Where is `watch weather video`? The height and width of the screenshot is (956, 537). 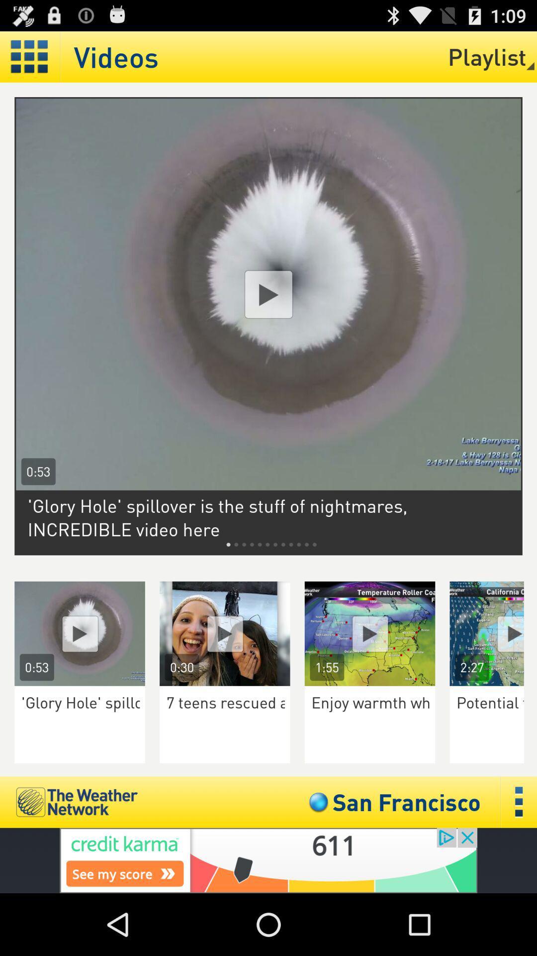
watch weather video is located at coordinates (370, 633).